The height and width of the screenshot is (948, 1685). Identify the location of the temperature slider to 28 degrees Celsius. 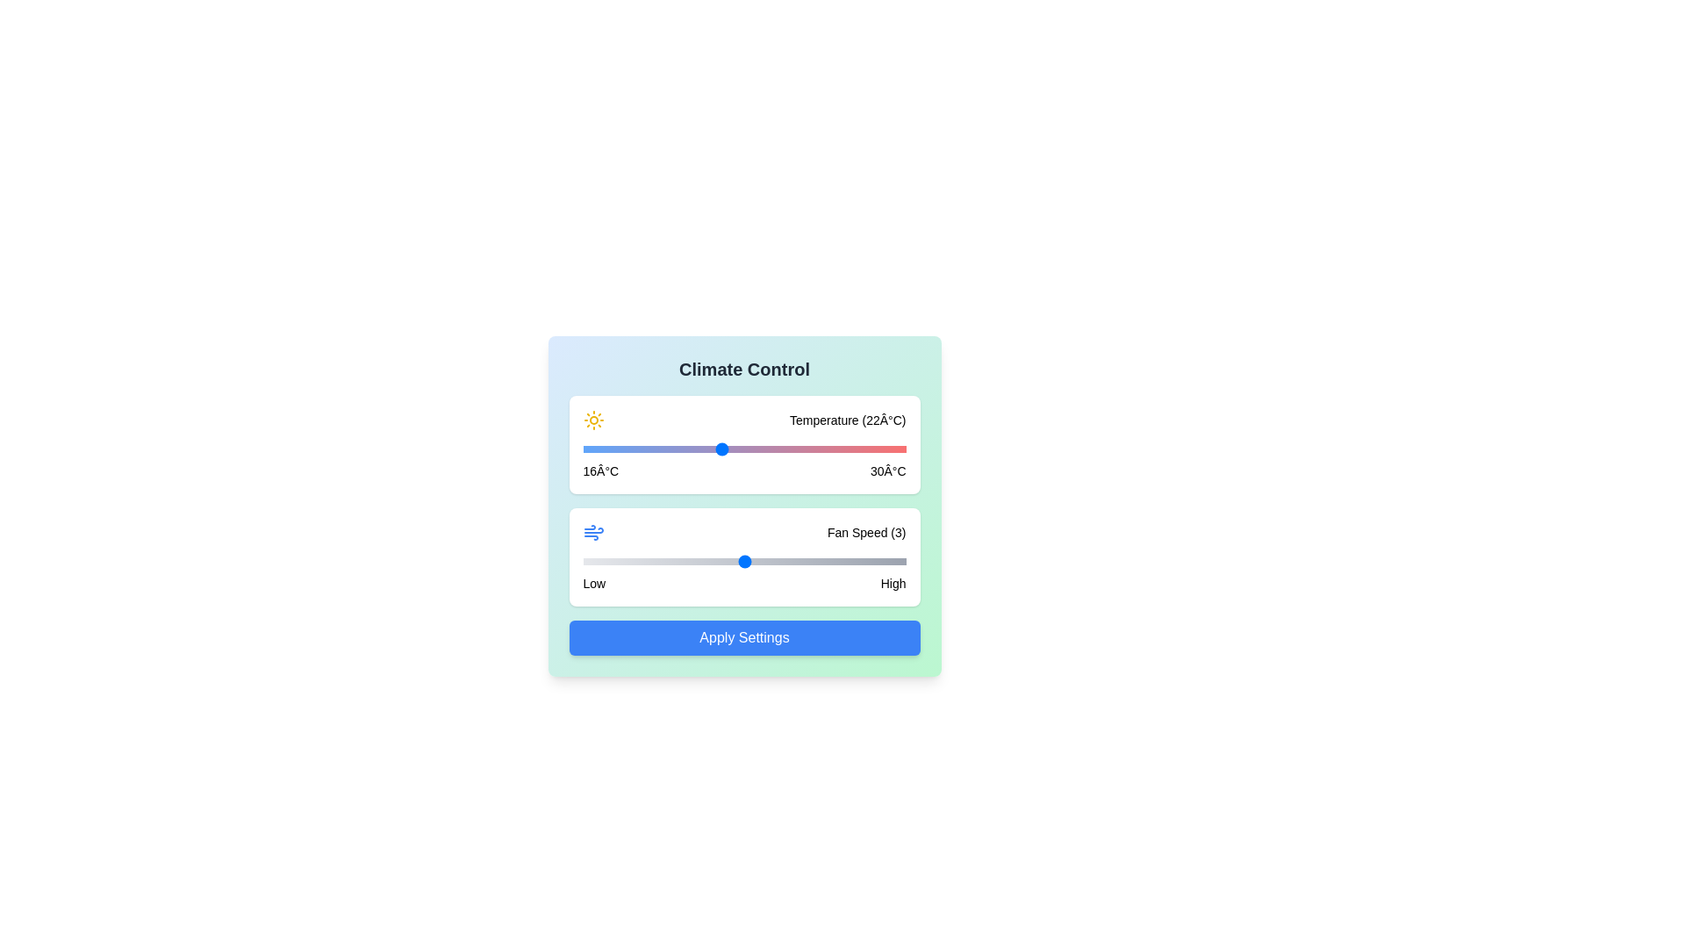
(859, 449).